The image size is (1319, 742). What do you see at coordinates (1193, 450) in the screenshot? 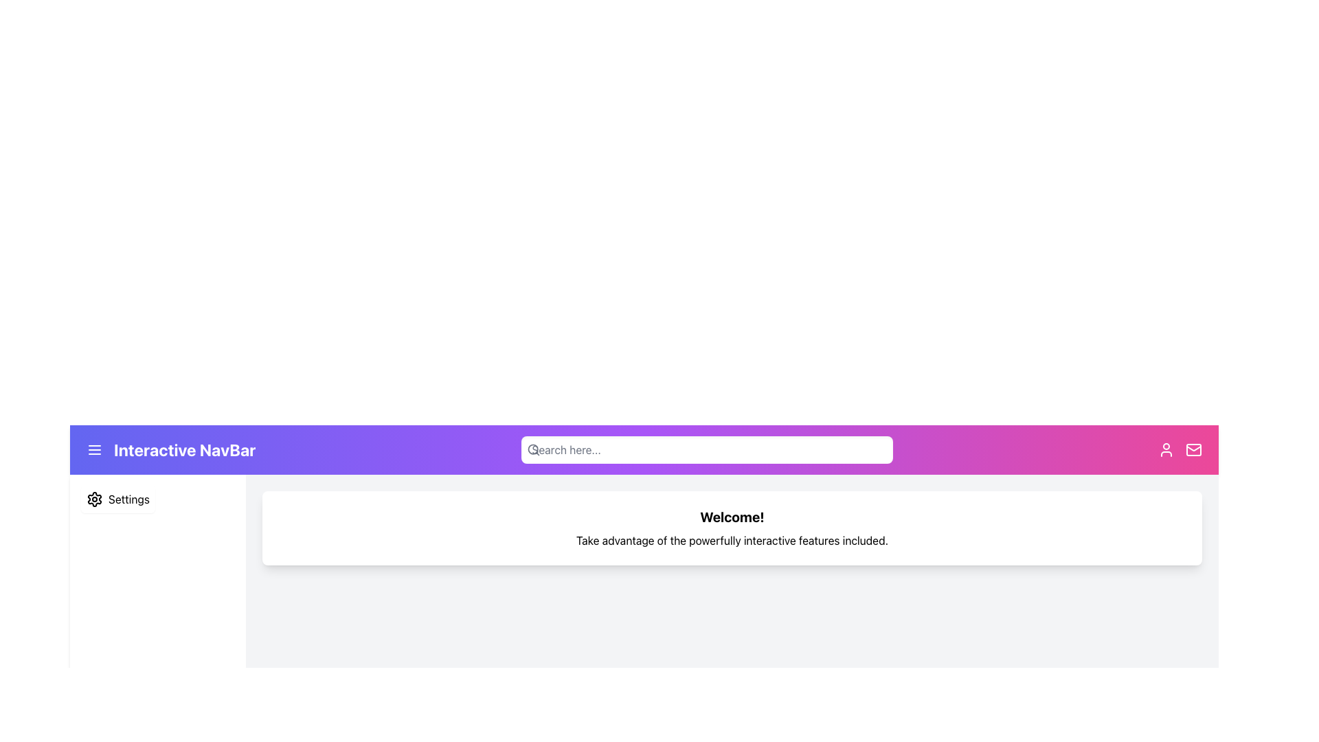
I see `the mail icon, which is styled as a rectangular envelope with a white outline on a pink background gradient` at bounding box center [1193, 450].